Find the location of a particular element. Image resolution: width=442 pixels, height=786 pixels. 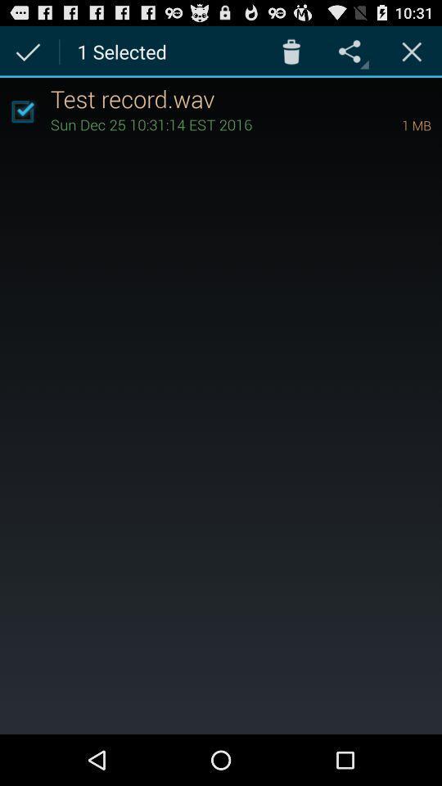

the icon to the right of the sun dec 25 item is located at coordinates (393, 124).